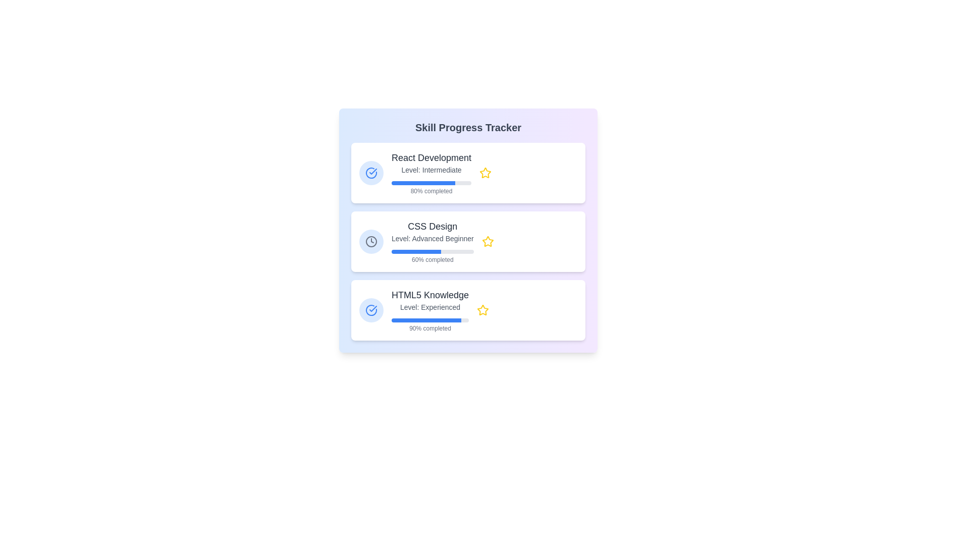 The width and height of the screenshot is (969, 545). What do you see at coordinates (423, 183) in the screenshot?
I see `the blue progress segment of the Visual Progress Bar indicating 80% completion for the skill 'React Development'` at bounding box center [423, 183].